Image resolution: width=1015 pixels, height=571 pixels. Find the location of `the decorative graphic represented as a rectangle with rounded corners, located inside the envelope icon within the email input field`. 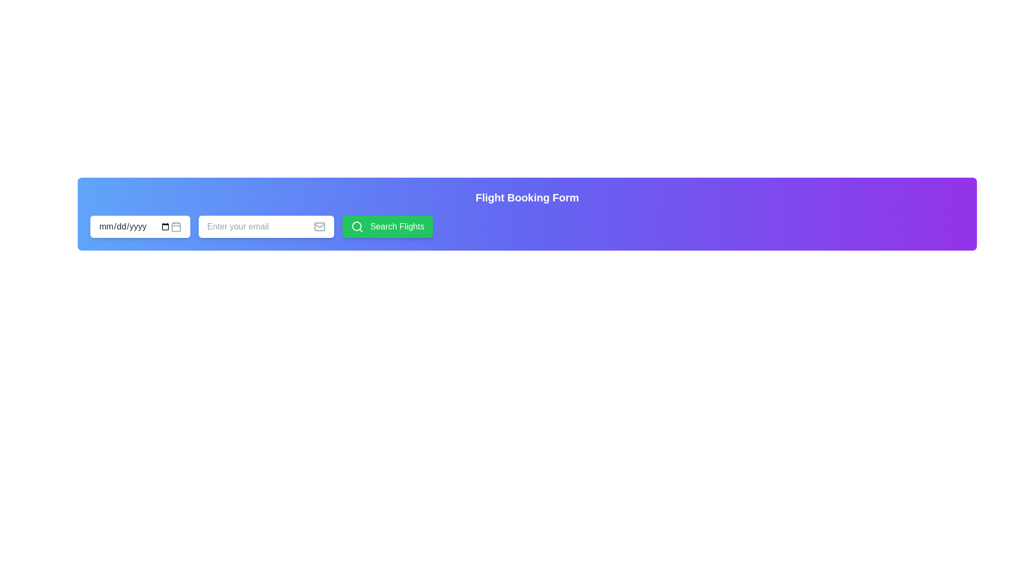

the decorative graphic represented as a rectangle with rounded corners, located inside the envelope icon within the email input field is located at coordinates (319, 226).